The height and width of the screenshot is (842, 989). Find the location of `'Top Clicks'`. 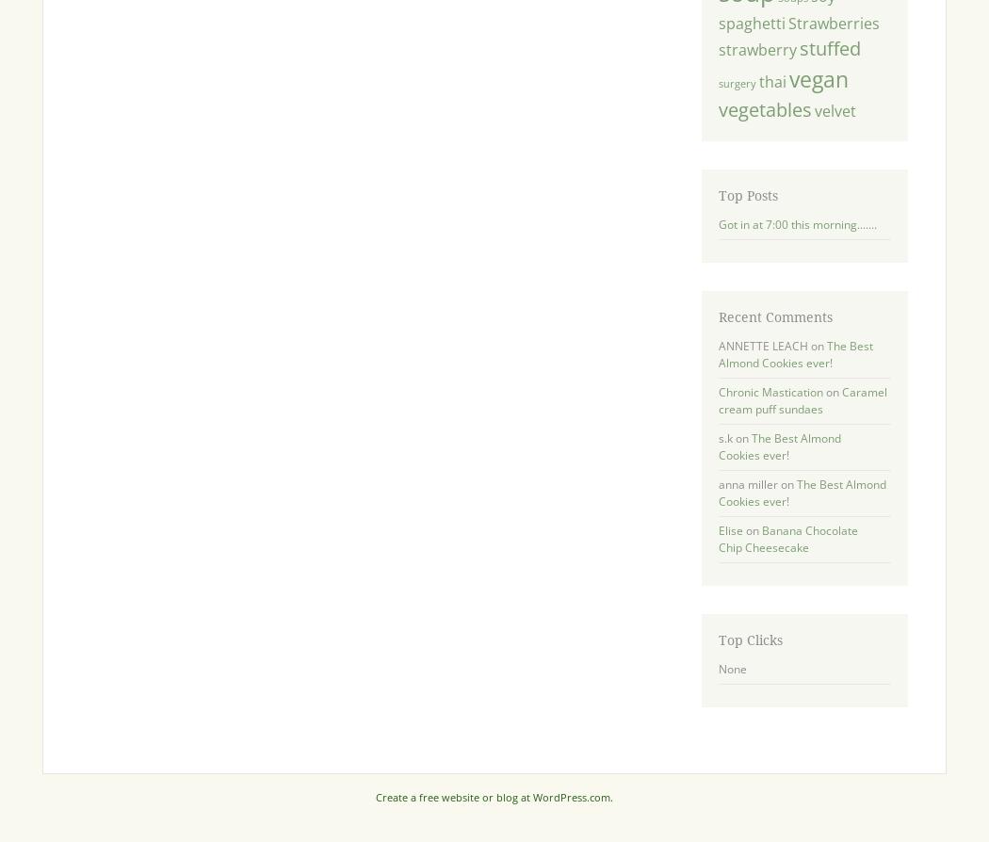

'Top Clicks' is located at coordinates (749, 639).